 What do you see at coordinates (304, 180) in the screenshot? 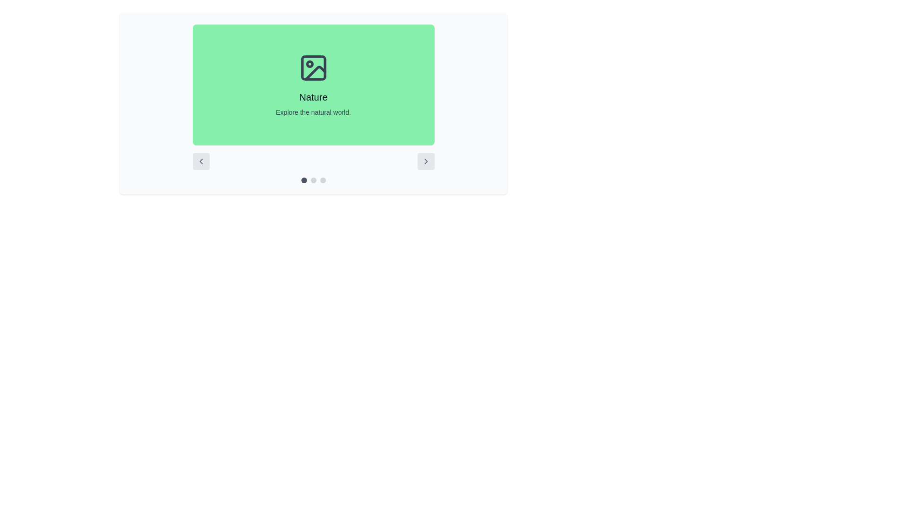
I see `the first circular navigation indicator with a dark gray background` at bounding box center [304, 180].